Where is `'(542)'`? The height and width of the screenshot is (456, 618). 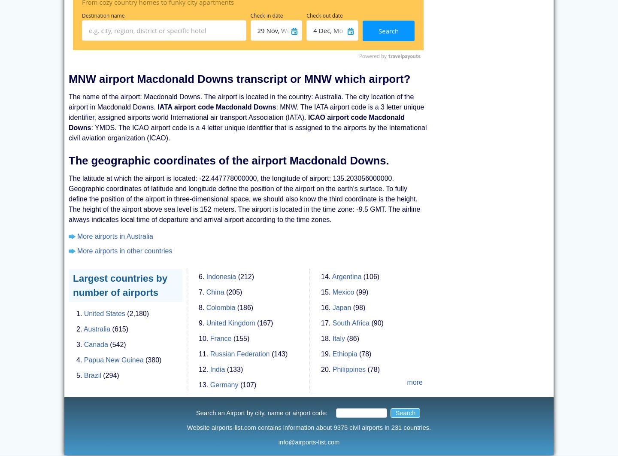 '(542)' is located at coordinates (117, 344).